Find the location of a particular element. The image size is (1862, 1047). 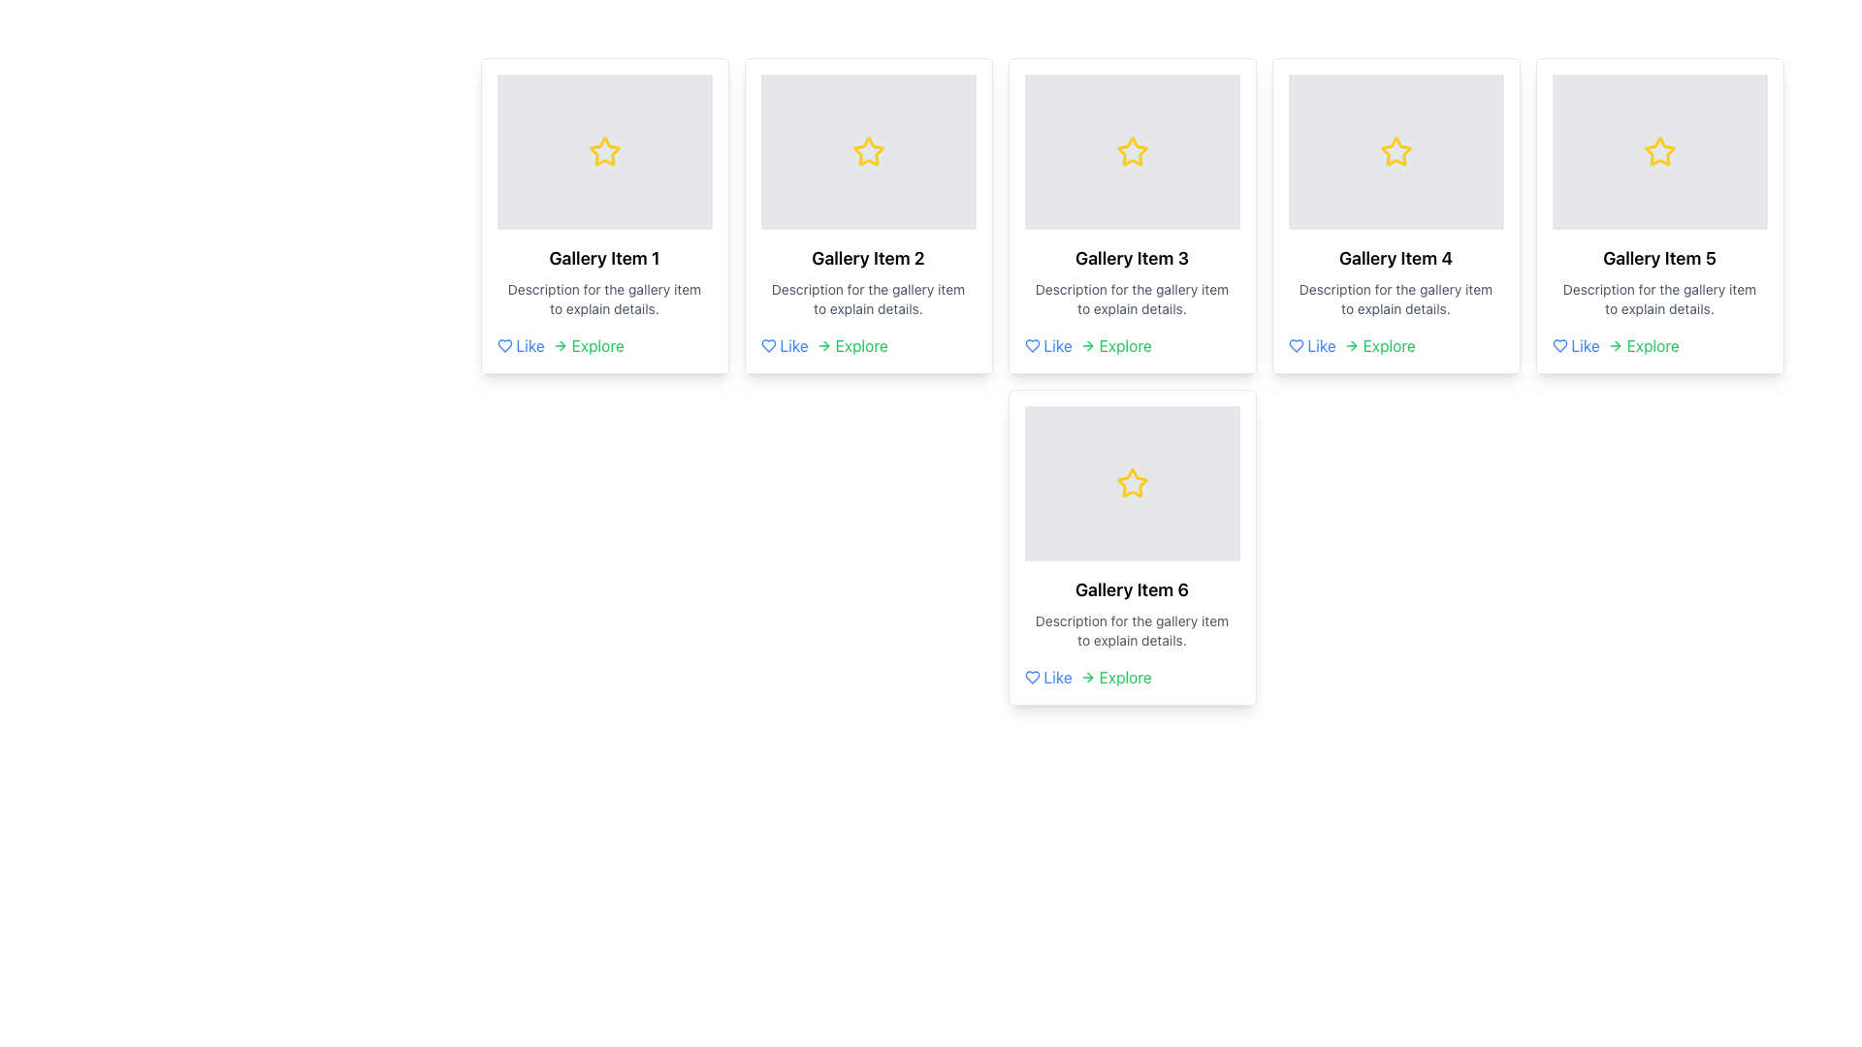

the Text Block displaying the title and description of the first gallery item, located below the star icon and above the 'Like' and 'Explore' links is located at coordinates (603, 281).